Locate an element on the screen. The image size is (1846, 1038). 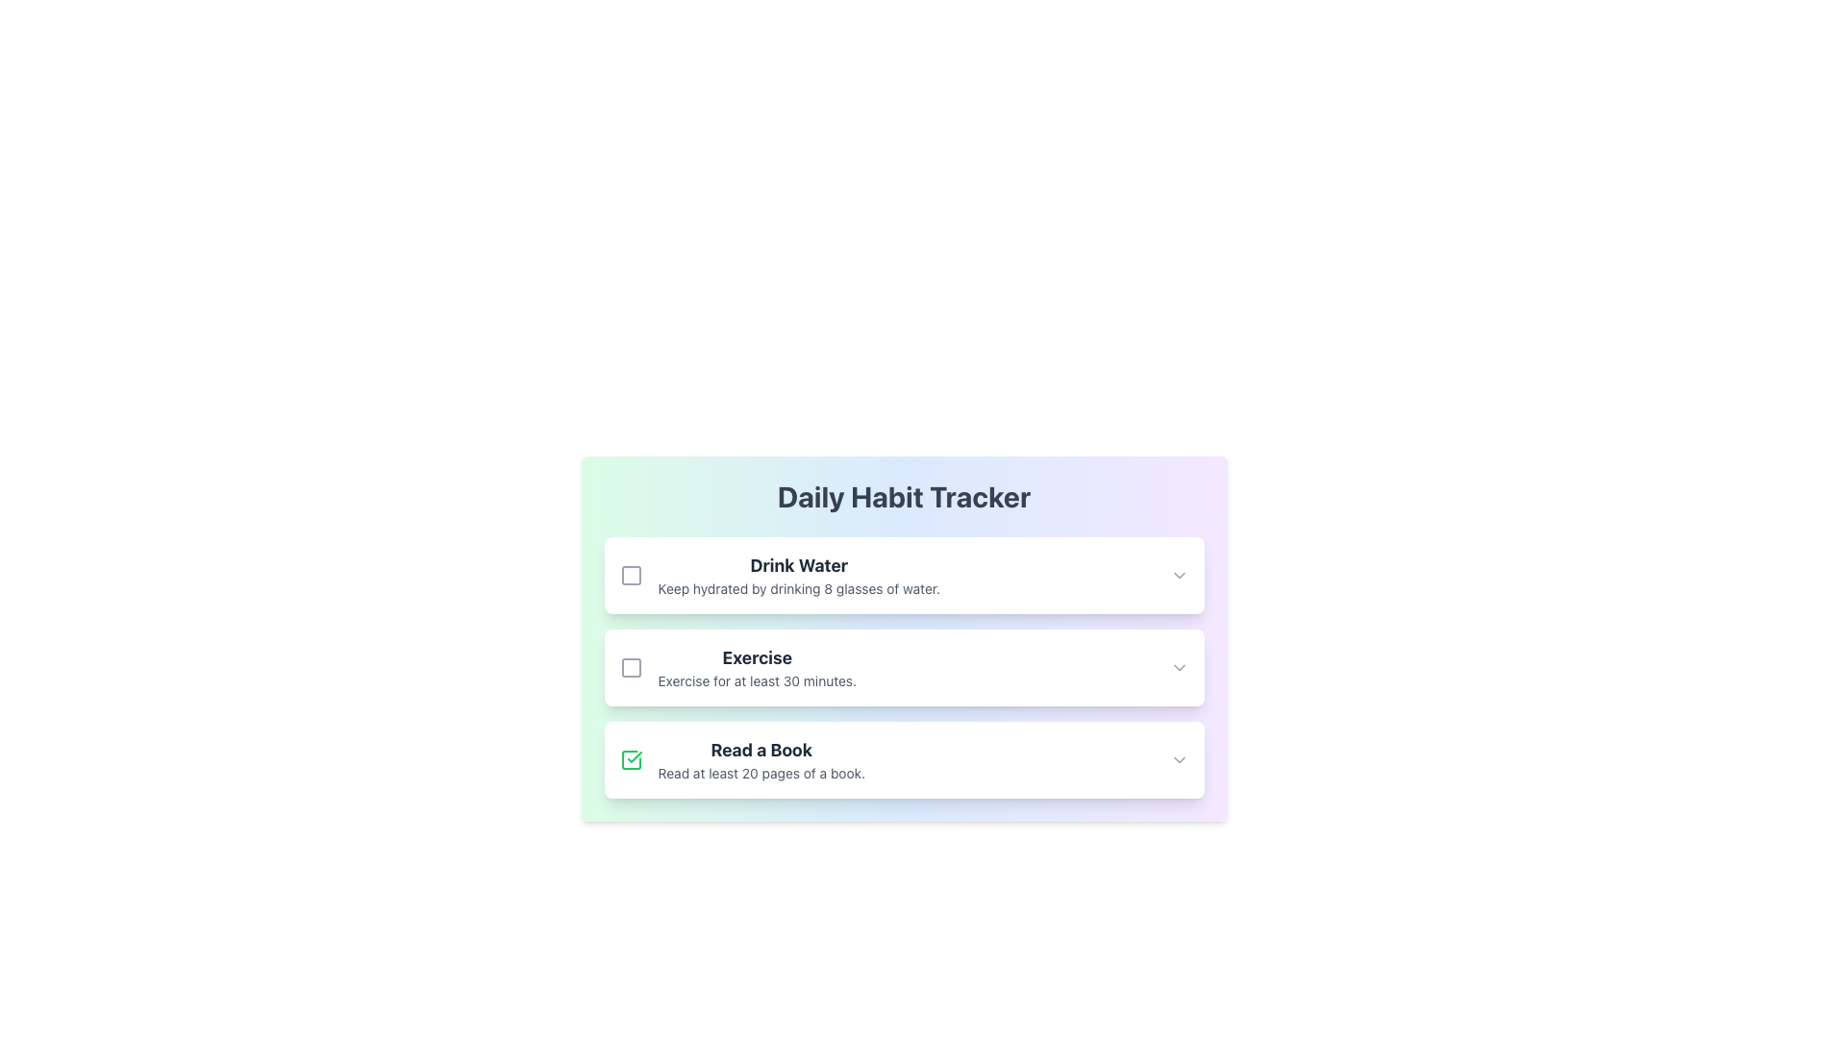
text from the 'Drink Water' label, which is centrally located within the first card of the Daily Habit Tracker section is located at coordinates (799, 574).